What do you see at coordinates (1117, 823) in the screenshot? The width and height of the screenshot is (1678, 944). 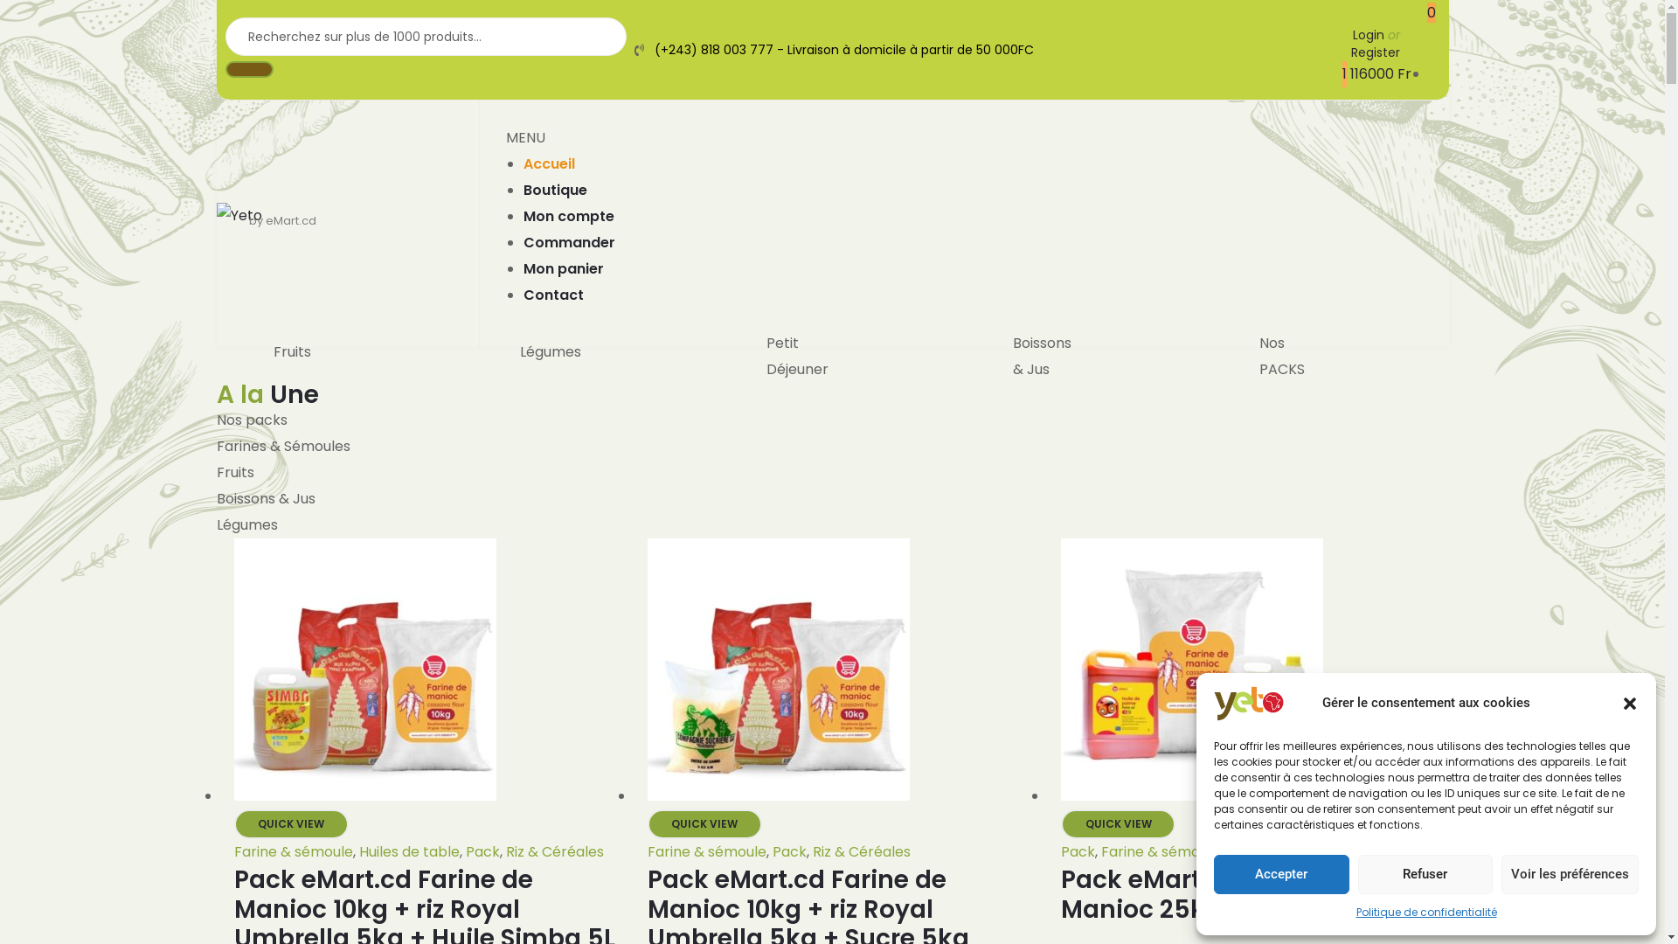 I see `'QUICK VIEW'` at bounding box center [1117, 823].